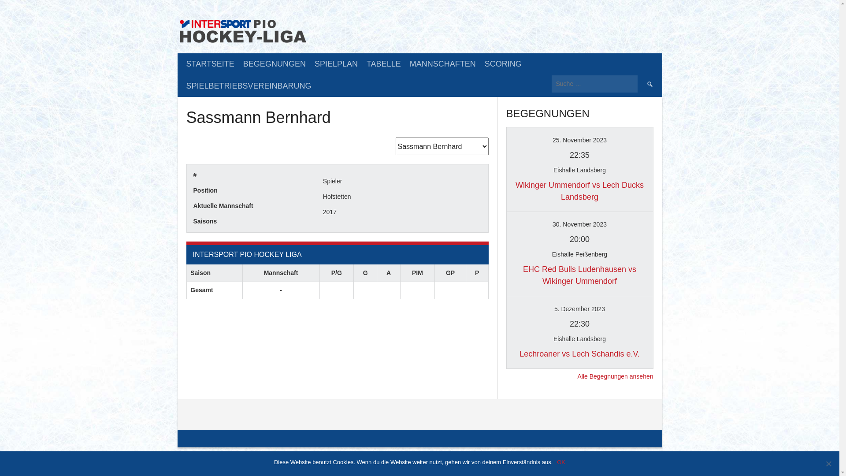 This screenshot has height=476, width=846. What do you see at coordinates (209, 64) in the screenshot?
I see `'STARTSEITE'` at bounding box center [209, 64].